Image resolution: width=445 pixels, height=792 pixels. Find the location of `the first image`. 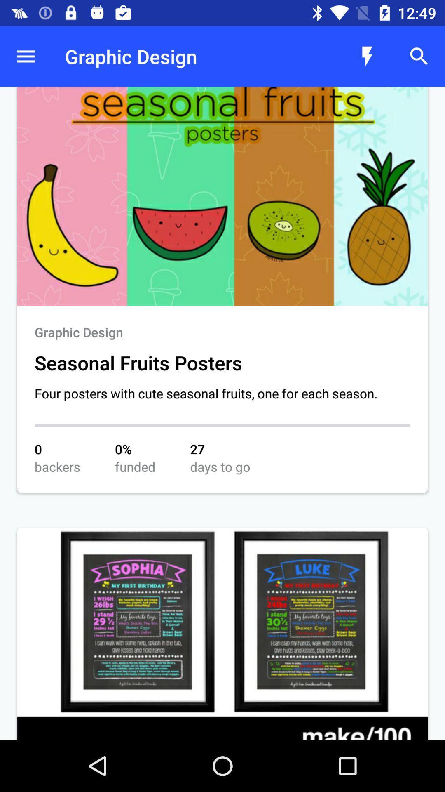

the first image is located at coordinates (222, 196).